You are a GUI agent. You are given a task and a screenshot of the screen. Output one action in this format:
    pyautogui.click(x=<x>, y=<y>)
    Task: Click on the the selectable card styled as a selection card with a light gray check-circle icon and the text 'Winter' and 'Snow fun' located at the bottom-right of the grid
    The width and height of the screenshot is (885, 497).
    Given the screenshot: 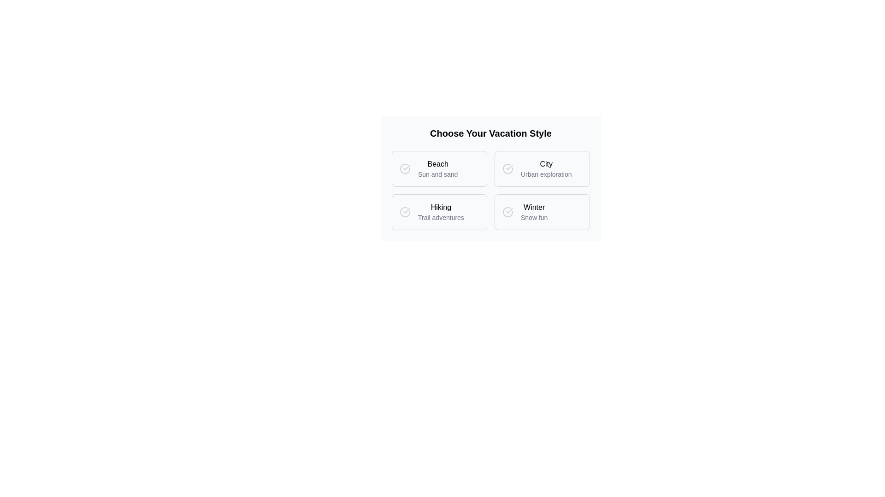 What is the action you would take?
    pyautogui.click(x=542, y=212)
    